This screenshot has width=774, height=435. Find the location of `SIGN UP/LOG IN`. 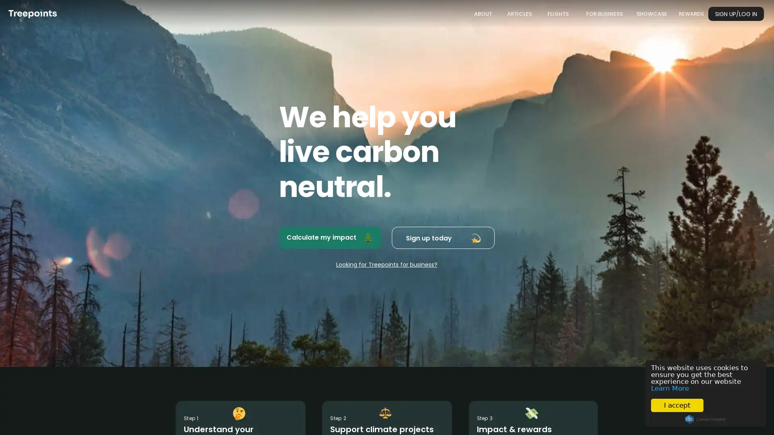

SIGN UP/LOG IN is located at coordinates (736, 14).